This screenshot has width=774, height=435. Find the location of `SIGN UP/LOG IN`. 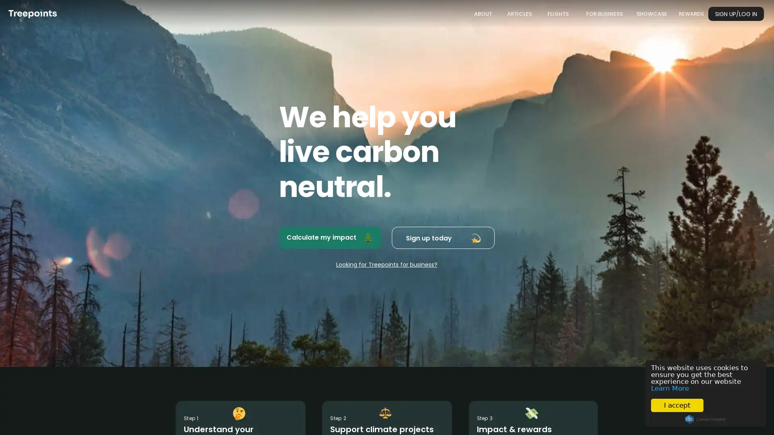

SIGN UP/LOG IN is located at coordinates (736, 14).